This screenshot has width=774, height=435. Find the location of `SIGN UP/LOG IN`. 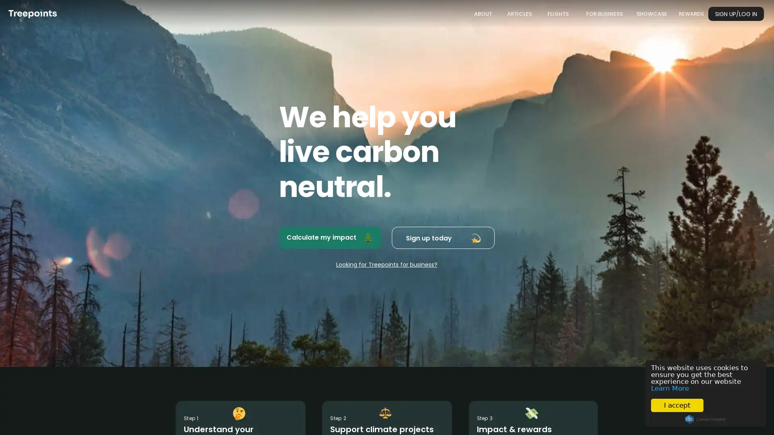

SIGN UP/LOG IN is located at coordinates (736, 14).